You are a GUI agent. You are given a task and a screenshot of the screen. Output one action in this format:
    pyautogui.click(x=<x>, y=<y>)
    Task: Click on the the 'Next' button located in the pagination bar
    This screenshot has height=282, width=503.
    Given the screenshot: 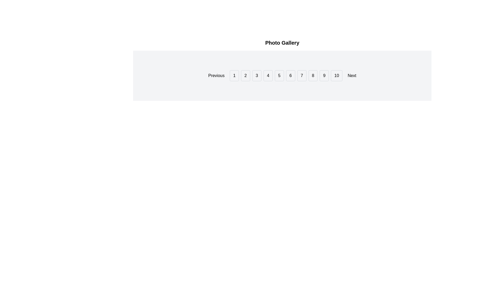 What is the action you would take?
    pyautogui.click(x=352, y=75)
    